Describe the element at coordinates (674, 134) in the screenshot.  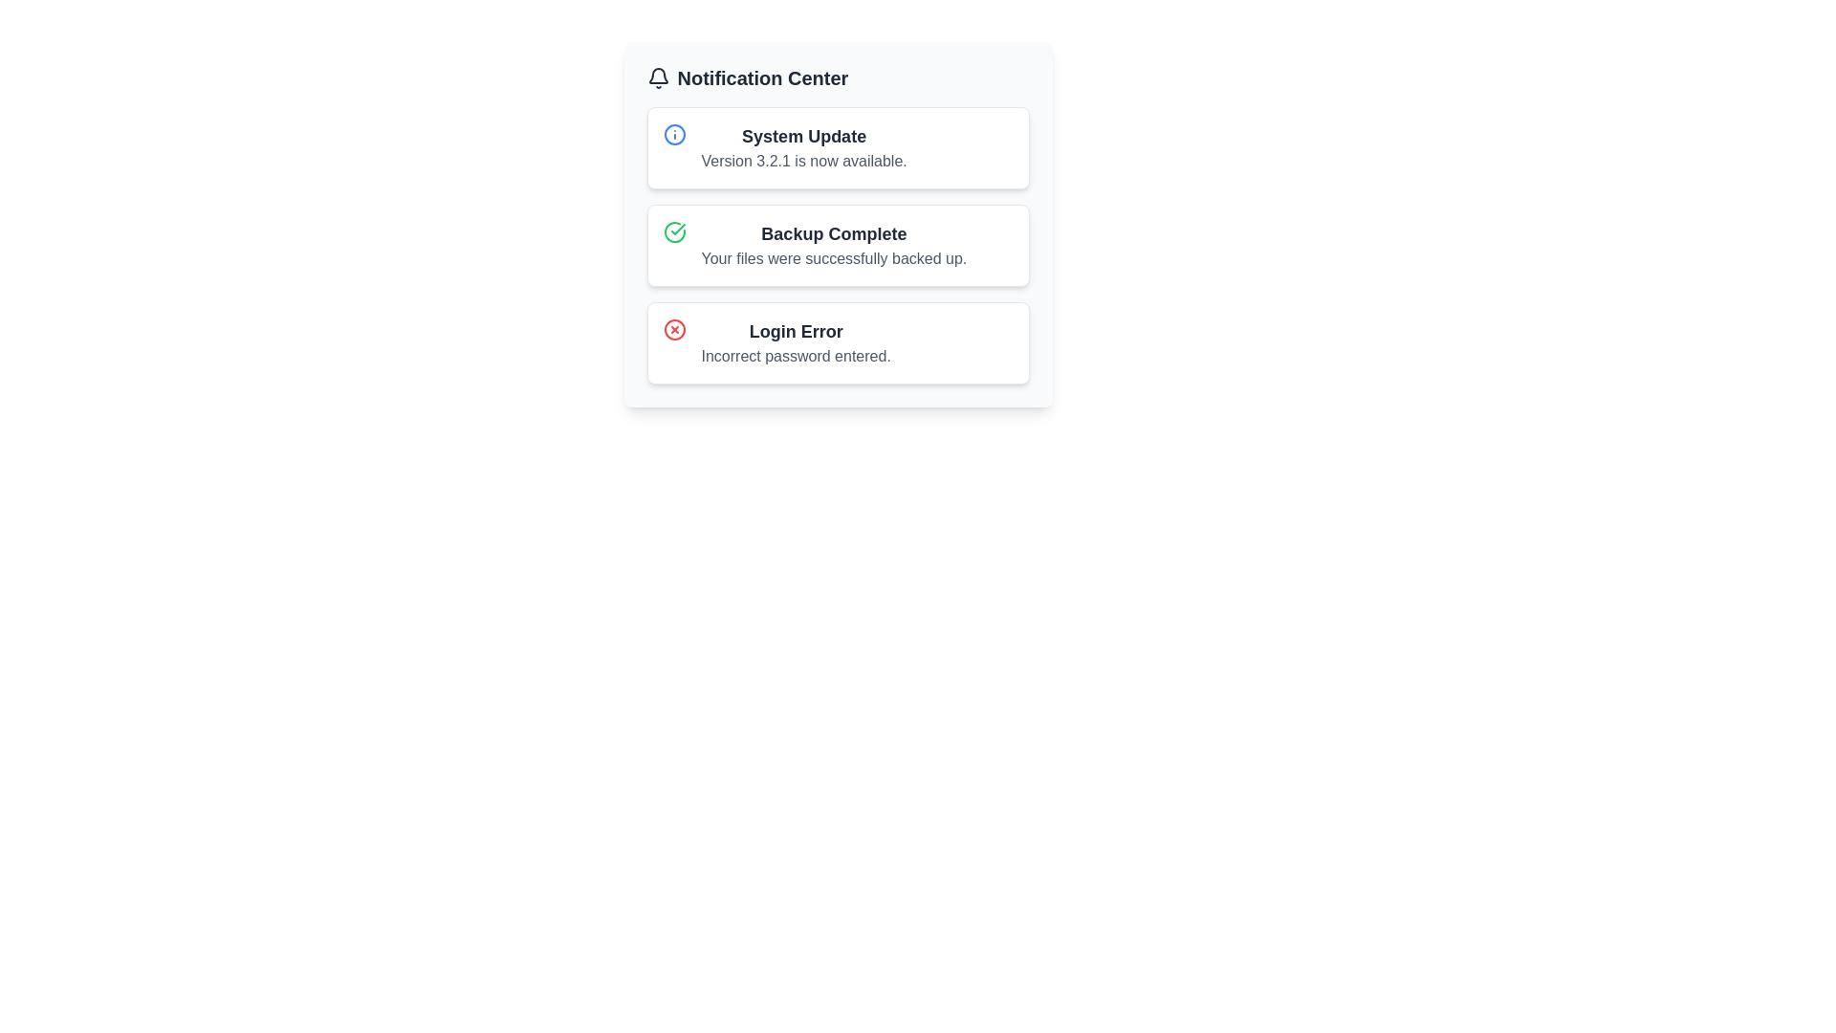
I see `the circular information icon located in the top-left corner of the 'System Update' notification` at that location.